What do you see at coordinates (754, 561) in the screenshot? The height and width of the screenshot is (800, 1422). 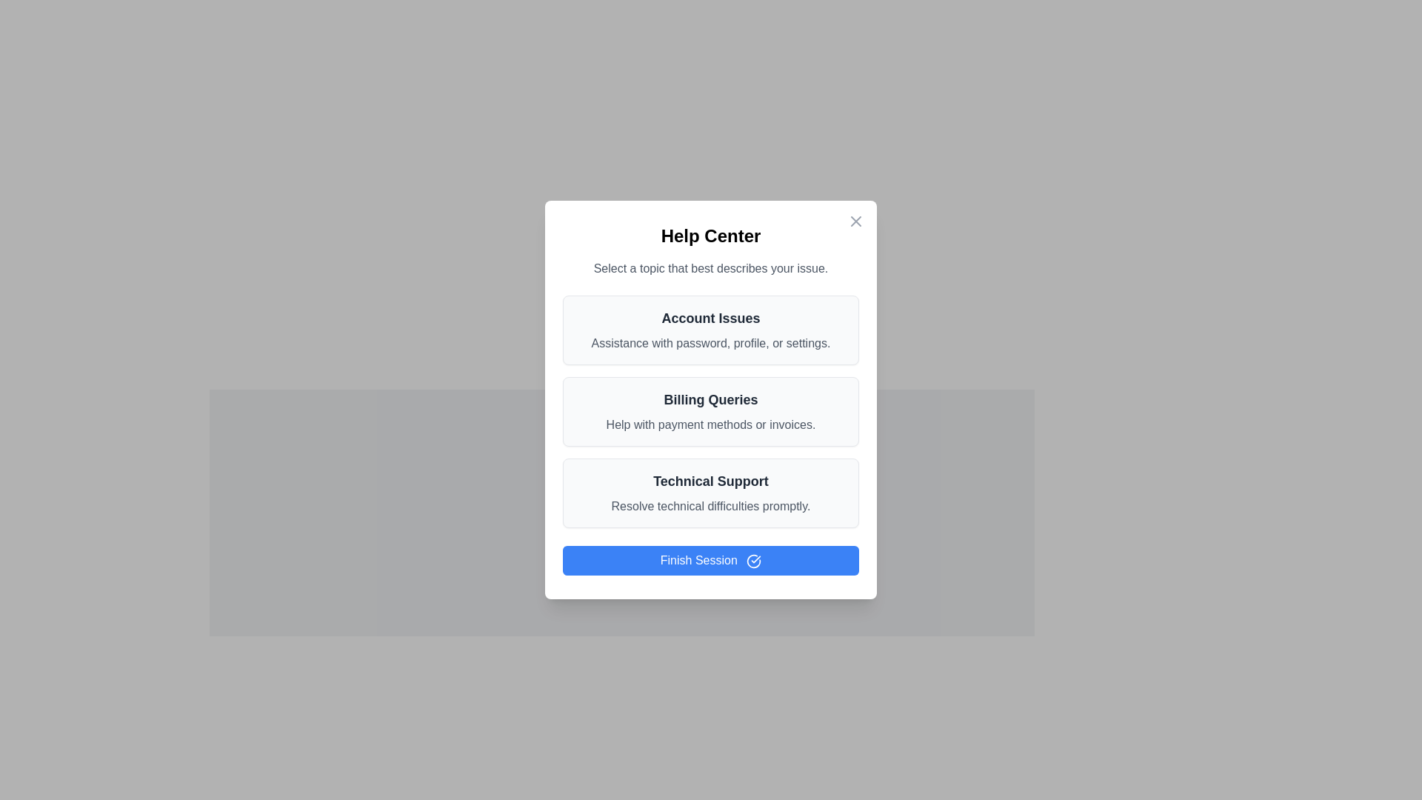 I see `the small circular icon with a checkmark inside, located at the end of the blue 'Finish Session' button in the Help Center dialog for visual feedback` at bounding box center [754, 561].